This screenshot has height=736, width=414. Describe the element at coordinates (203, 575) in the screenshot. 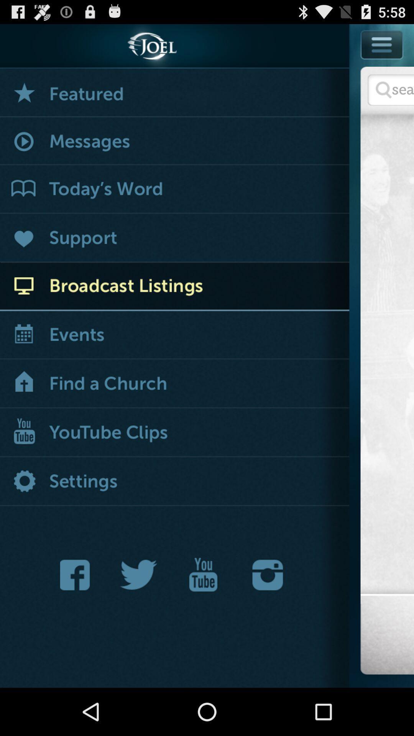

I see `youtube channel` at that location.